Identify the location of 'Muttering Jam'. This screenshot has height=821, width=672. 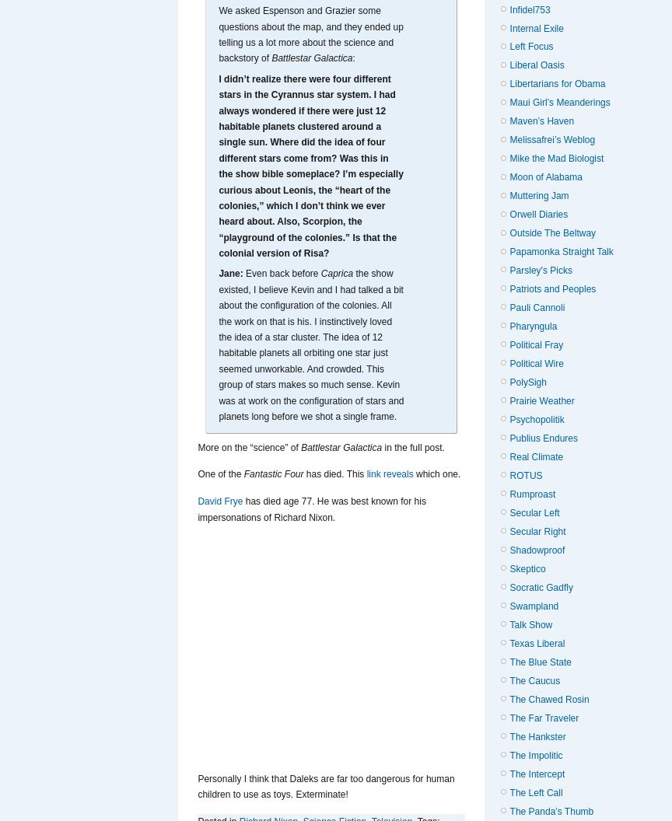
(539, 194).